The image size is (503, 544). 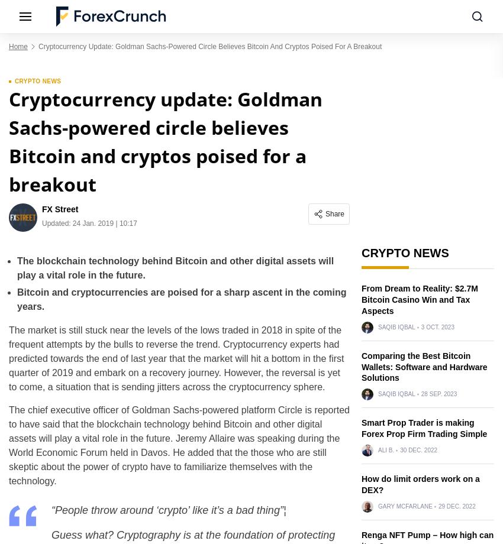 I want to click on 'Gary McFarlane', so click(x=404, y=505).